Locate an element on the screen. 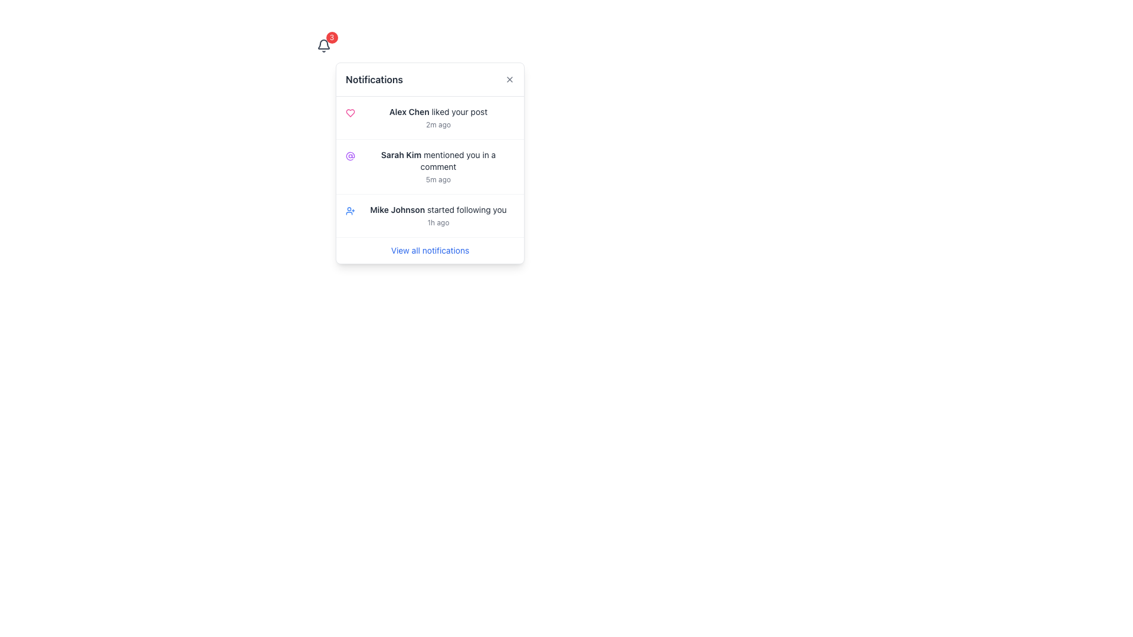  the circular purple icon with an '@' sign that is located next to the notification text 'Sarah Kim mentioned you in a comment.' is located at coordinates (350, 156).